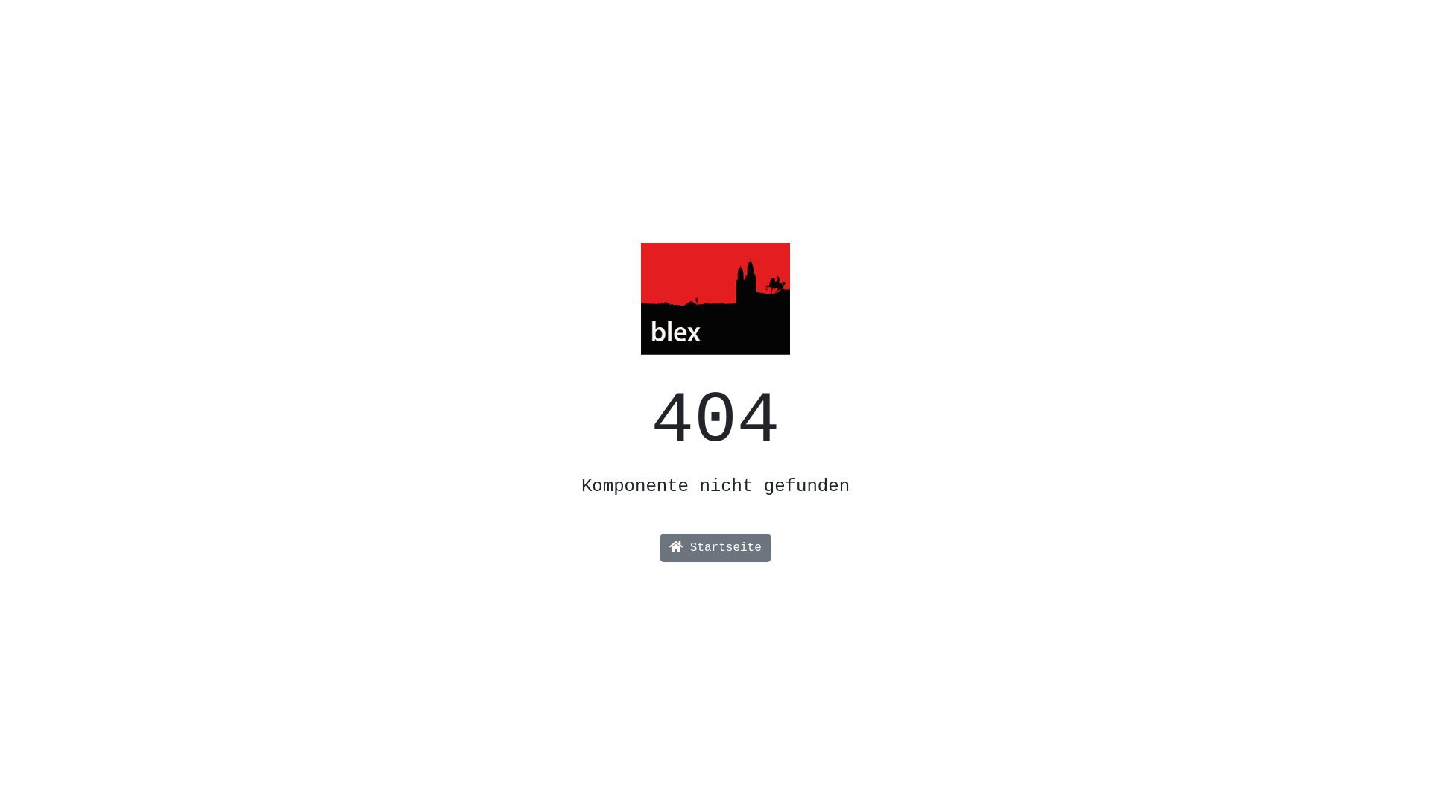  What do you see at coordinates (658, 548) in the screenshot?
I see `'Startseite'` at bounding box center [658, 548].